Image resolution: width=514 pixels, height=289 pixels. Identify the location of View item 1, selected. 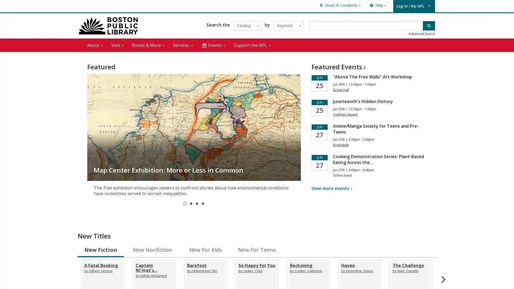
(185, 203).